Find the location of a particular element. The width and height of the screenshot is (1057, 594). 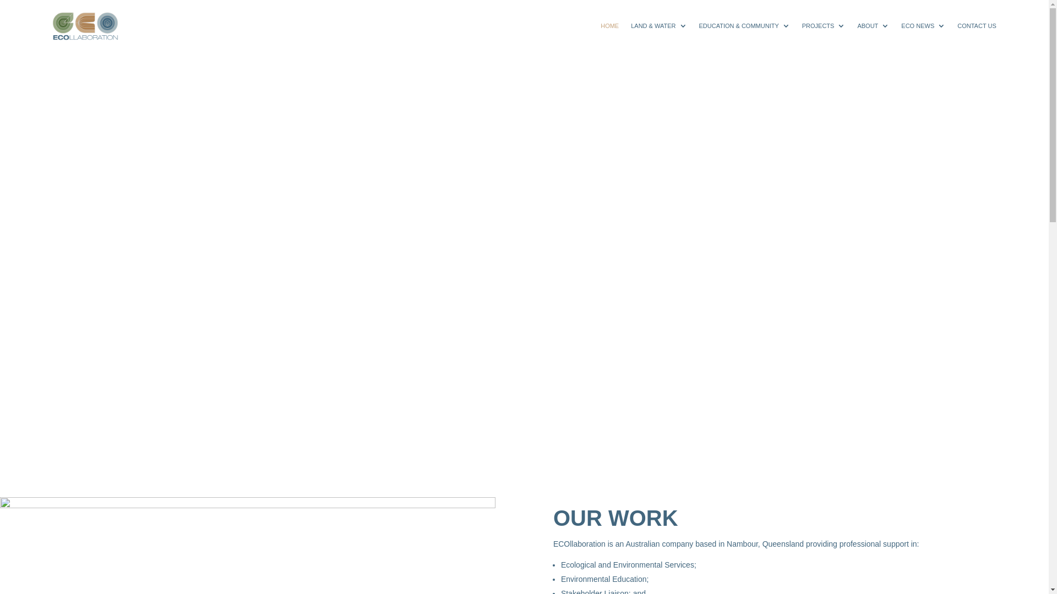

'EDUCATION & COMMUNITY' is located at coordinates (744, 25).